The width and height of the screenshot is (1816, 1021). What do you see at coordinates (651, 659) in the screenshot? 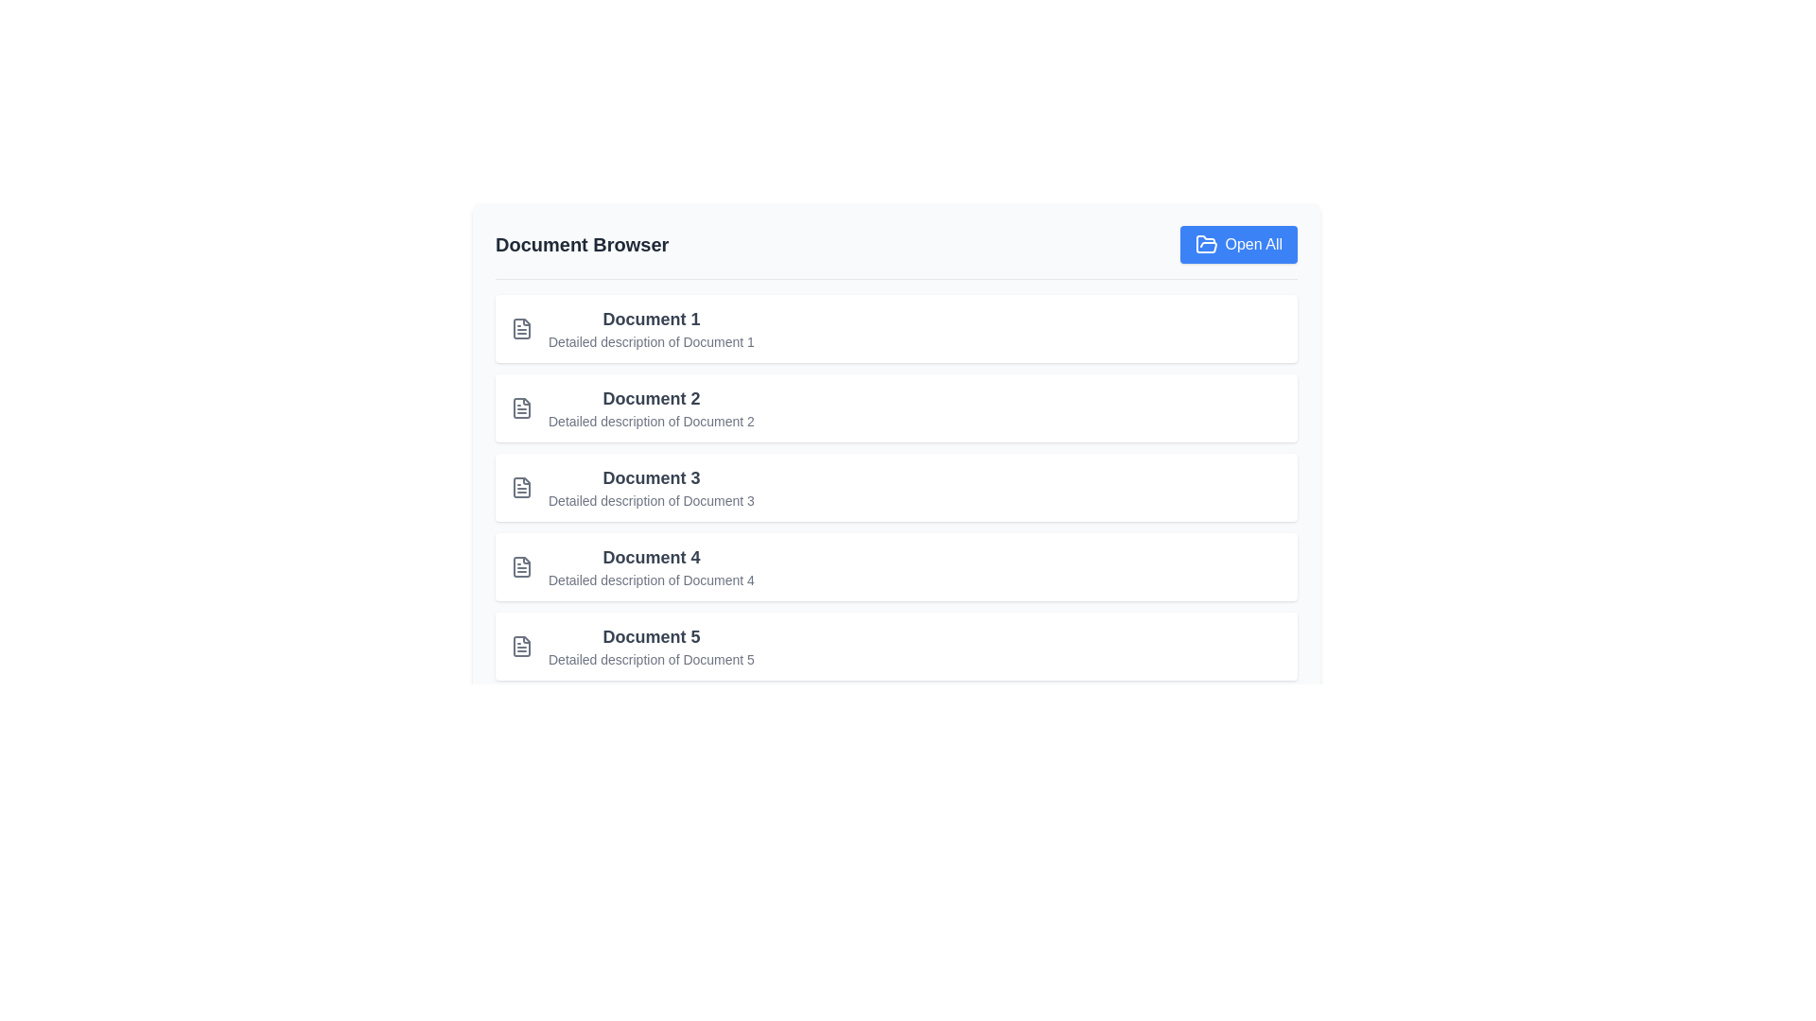
I see `the static text label that provides a brief description of 'Document 5', which is positioned below the document title in a vertically stacked list` at bounding box center [651, 659].